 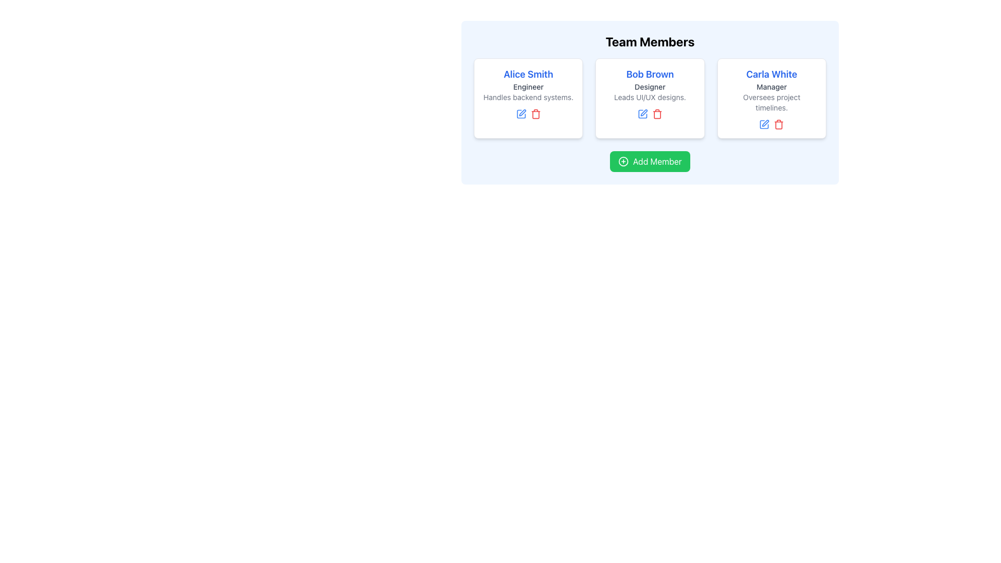 What do you see at coordinates (528, 74) in the screenshot?
I see `the text label that identifies an individual by name within the team overview interface, which is positioned at the top of a card layout` at bounding box center [528, 74].